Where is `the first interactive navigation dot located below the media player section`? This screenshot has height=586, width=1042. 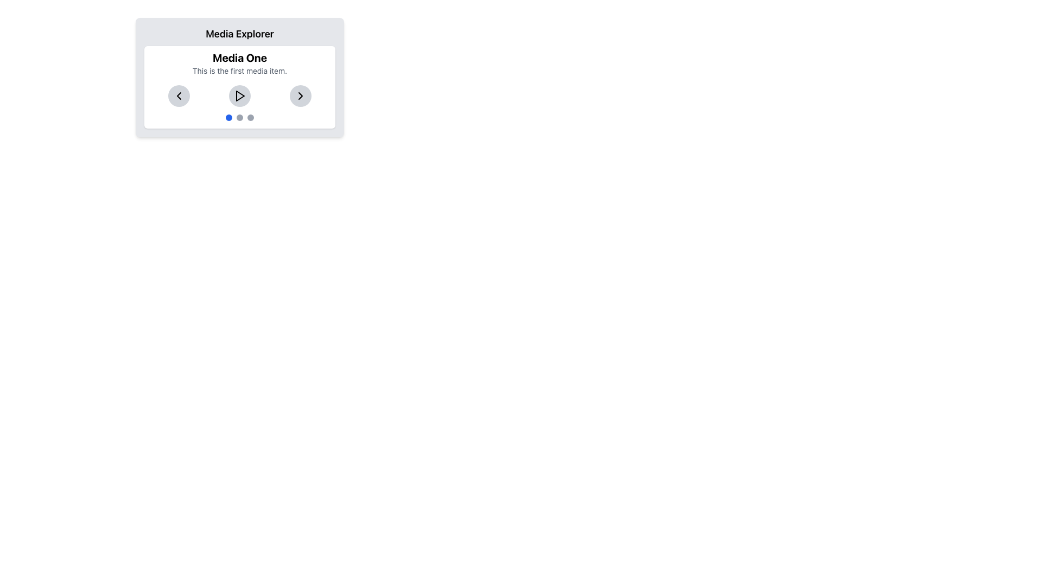
the first interactive navigation dot located below the media player section is located at coordinates (228, 117).